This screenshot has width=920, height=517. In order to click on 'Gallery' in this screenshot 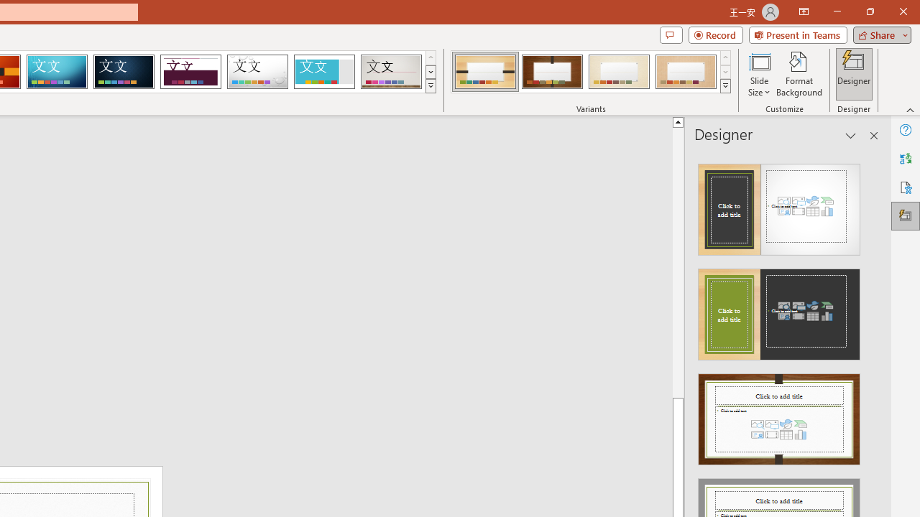, I will do `click(391, 72)`.